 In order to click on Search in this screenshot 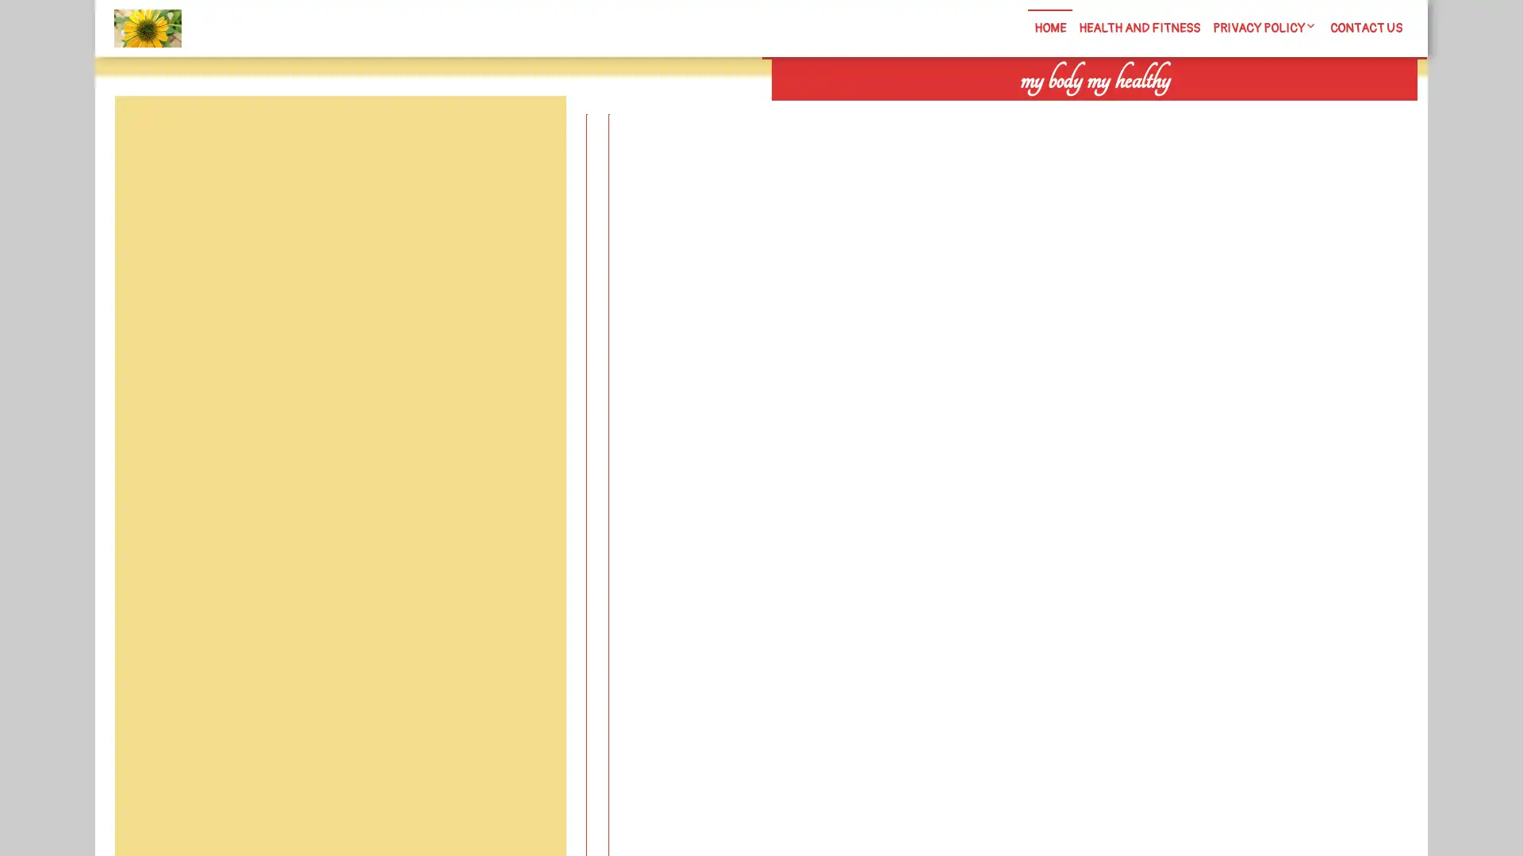, I will do `click(1235, 111)`.